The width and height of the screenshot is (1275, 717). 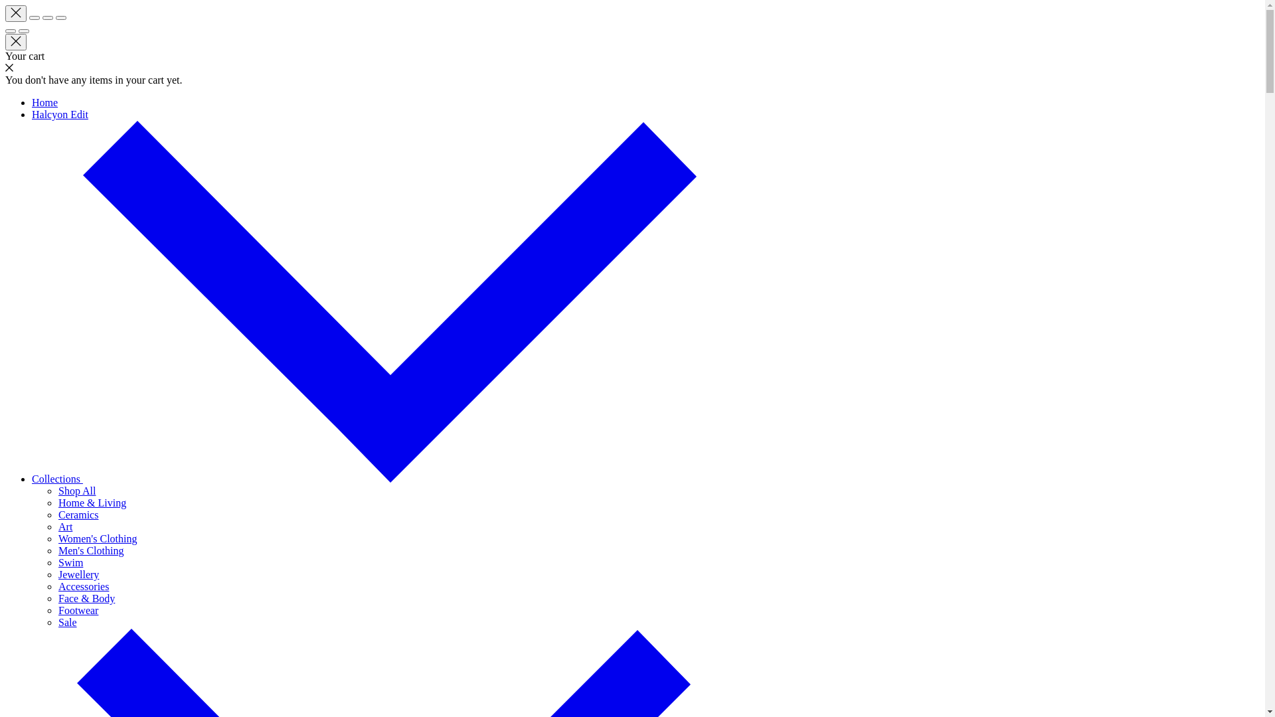 What do you see at coordinates (78, 514) in the screenshot?
I see `'Ceramics'` at bounding box center [78, 514].